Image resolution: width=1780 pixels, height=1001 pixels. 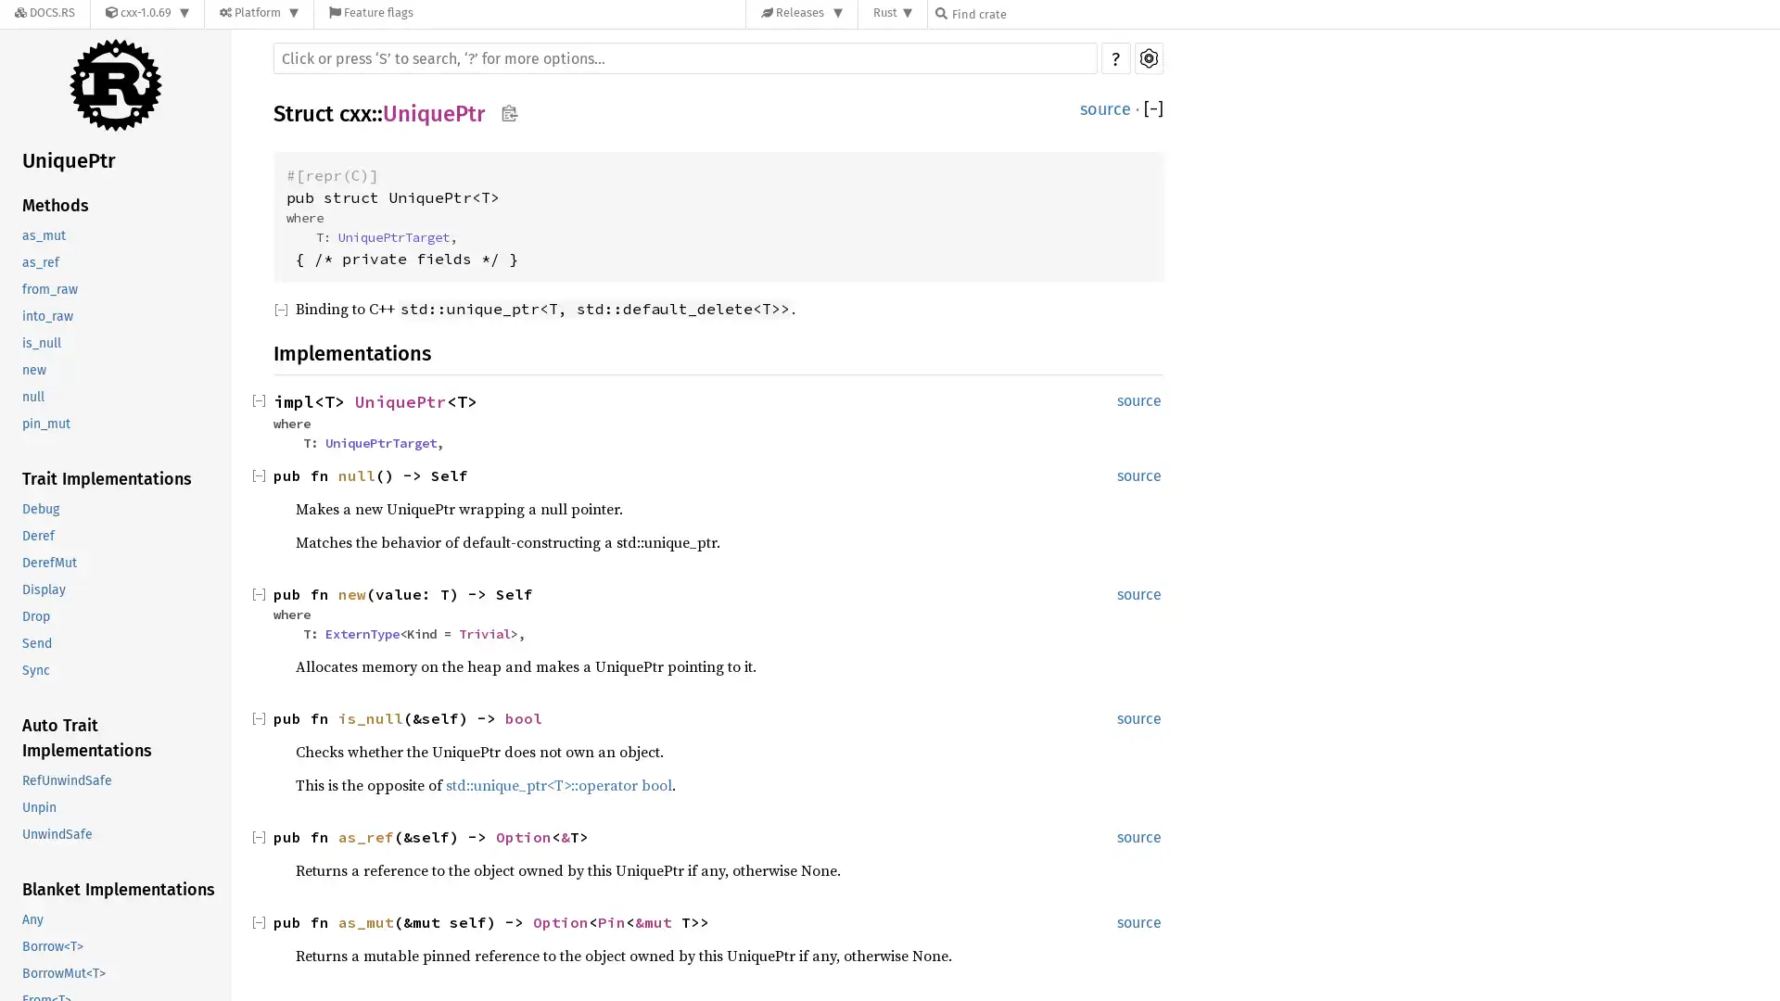 What do you see at coordinates (1114, 57) in the screenshot?
I see `?` at bounding box center [1114, 57].